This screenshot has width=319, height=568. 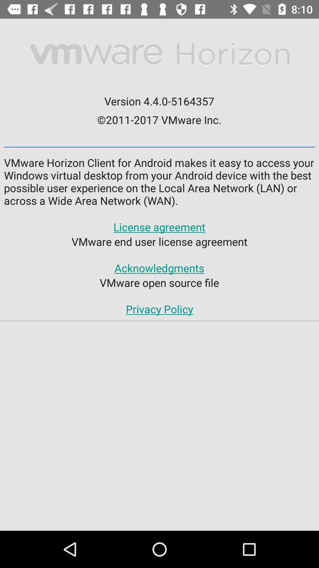 I want to click on the 2011 2017 vmware icon, so click(x=159, y=119).